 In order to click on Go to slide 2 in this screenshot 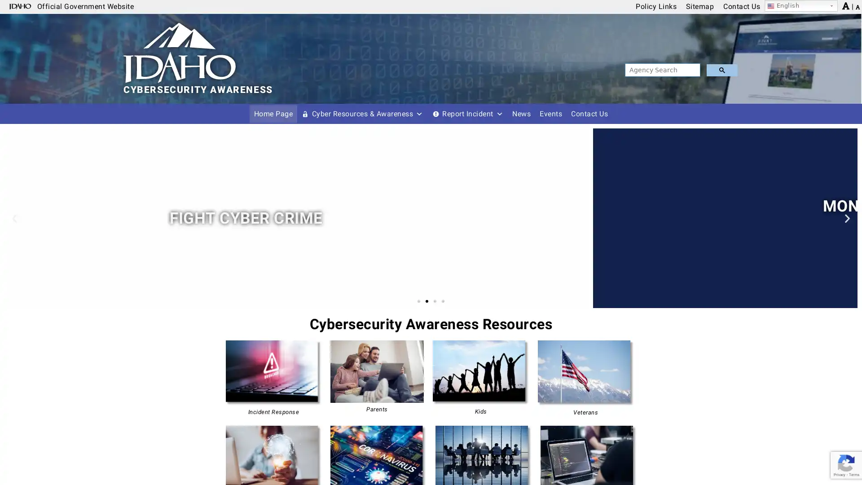, I will do `click(426, 301)`.